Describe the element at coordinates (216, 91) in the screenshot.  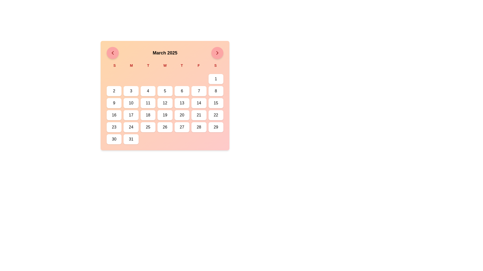
I see `the rectangular button displaying the number '8' located` at that location.